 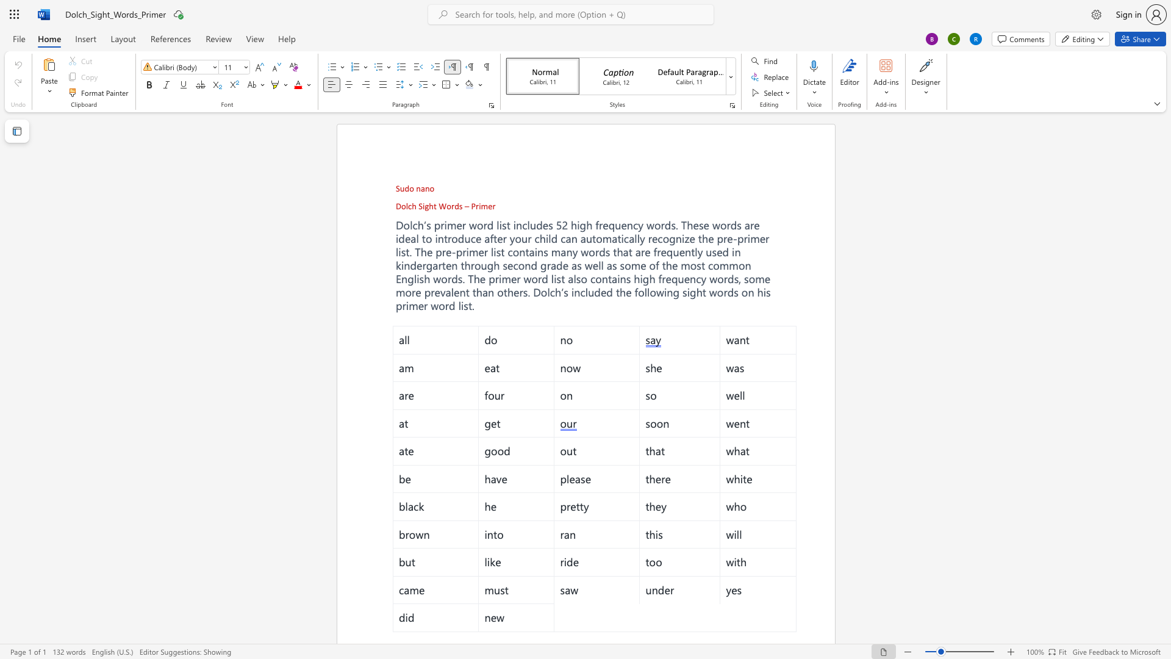 What do you see at coordinates (589, 251) in the screenshot?
I see `the subset text "ords th" within the text "many words that are"` at bounding box center [589, 251].